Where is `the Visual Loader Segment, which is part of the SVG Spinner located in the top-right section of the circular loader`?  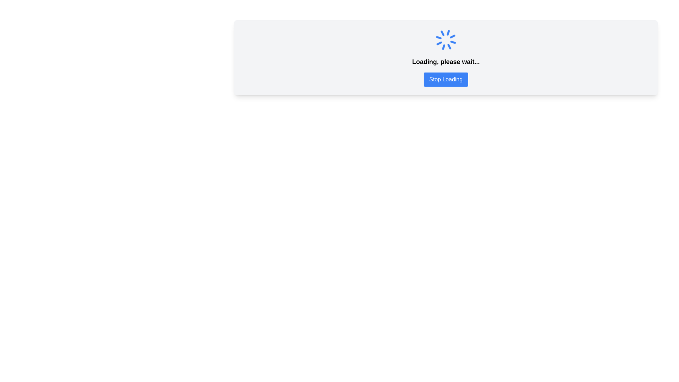
the Visual Loader Segment, which is part of the SVG Spinner located in the top-right section of the circular loader is located at coordinates (453, 42).